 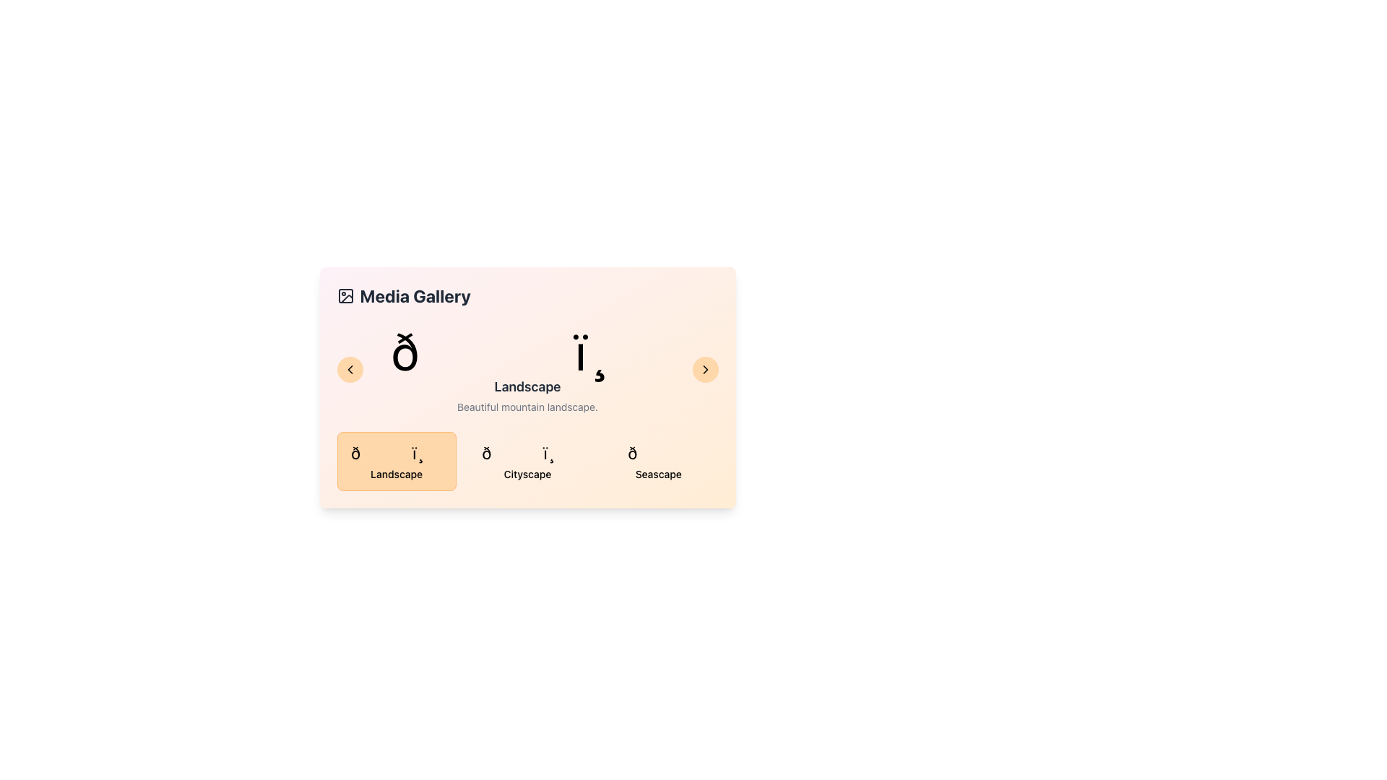 I want to click on the 'Cityscape' button in the Media Gallery section, so click(x=527, y=461).